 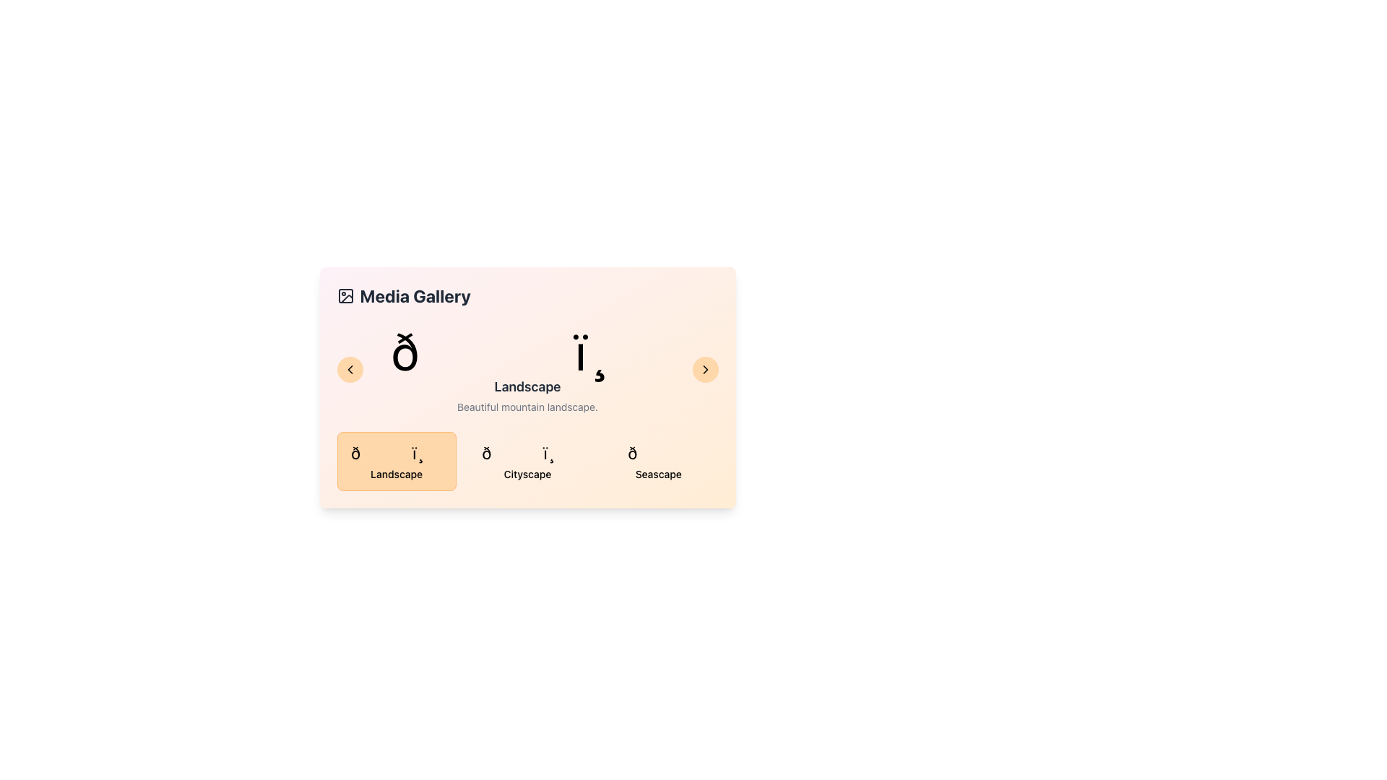 I want to click on the 'Cityscape' button in the Media Gallery section, so click(x=527, y=461).